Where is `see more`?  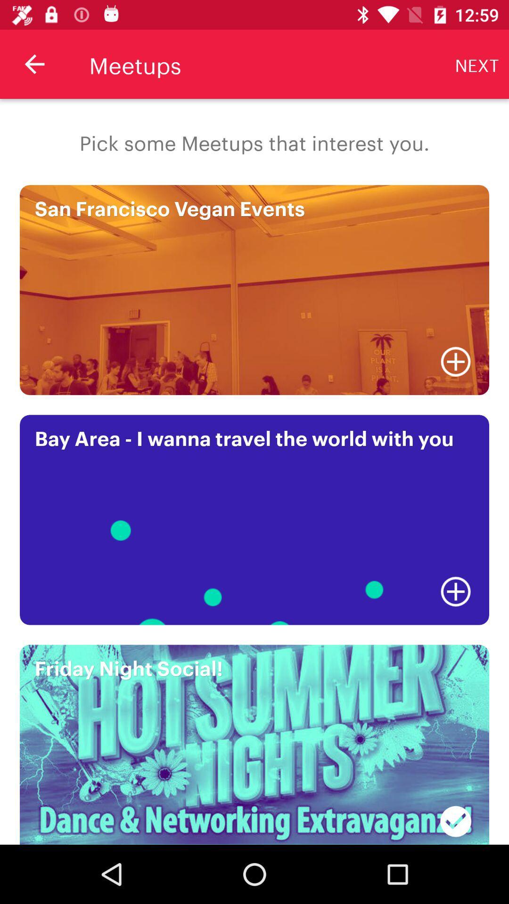 see more is located at coordinates (455, 591).